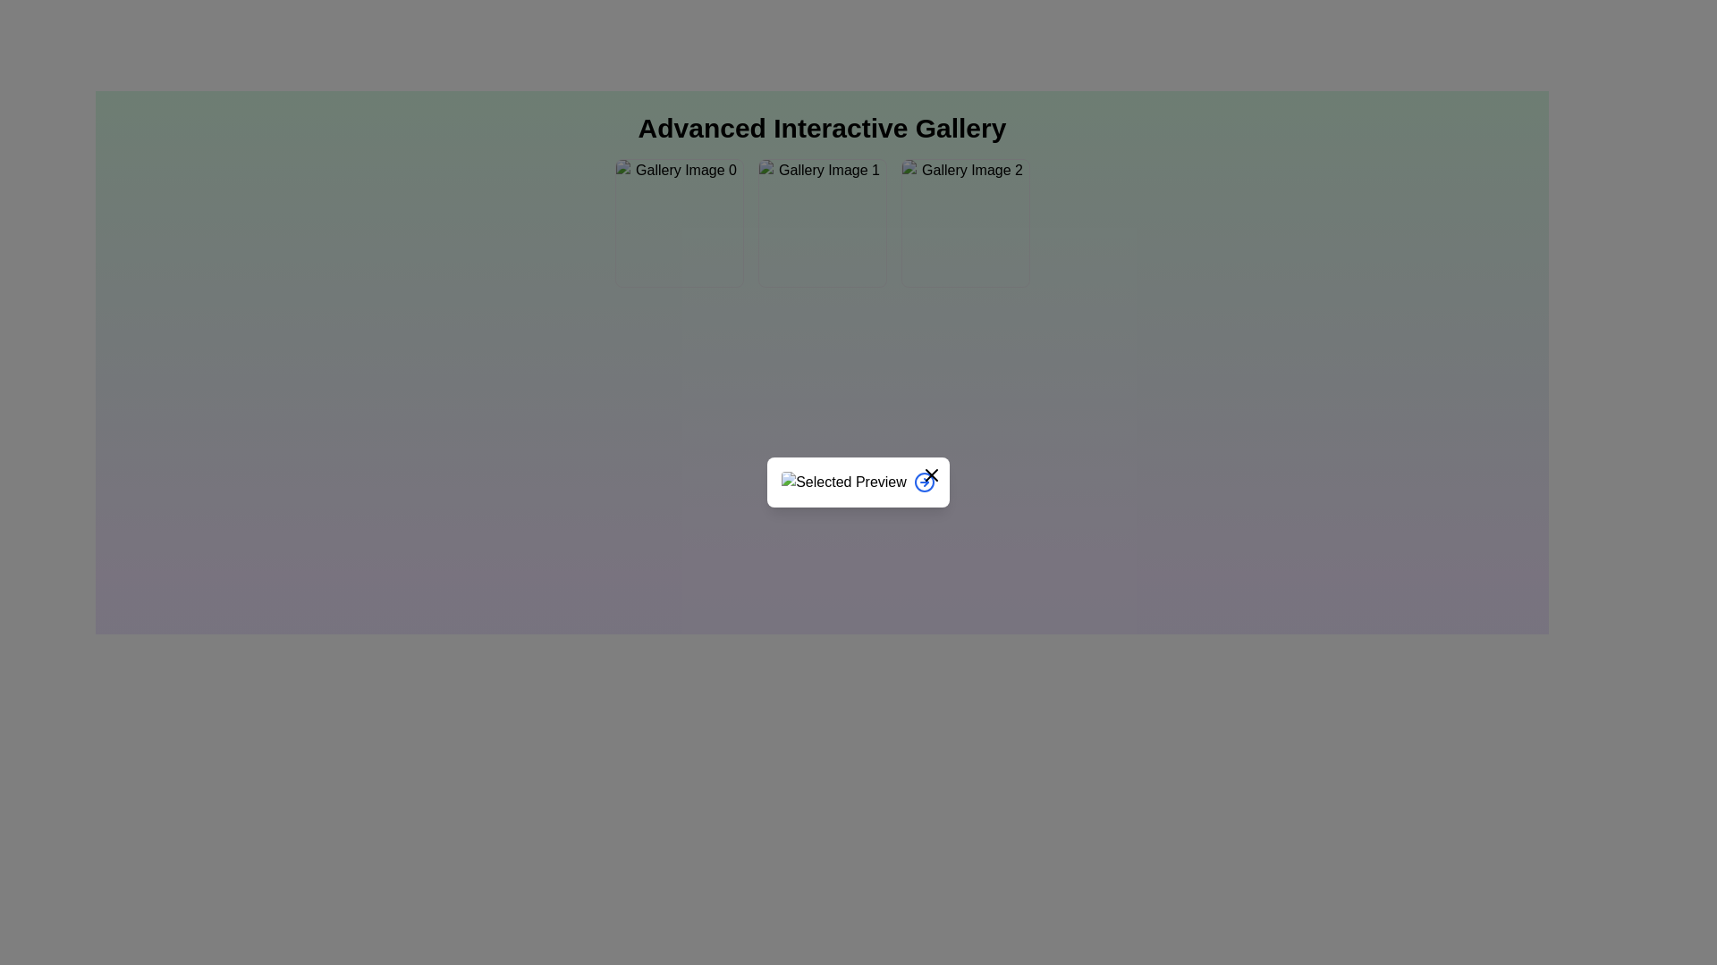 The height and width of the screenshot is (965, 1717). What do you see at coordinates (678, 222) in the screenshot?
I see `the square-shaped thumbnail image with a rounded border labeled 'Gallery Image 0'` at bounding box center [678, 222].